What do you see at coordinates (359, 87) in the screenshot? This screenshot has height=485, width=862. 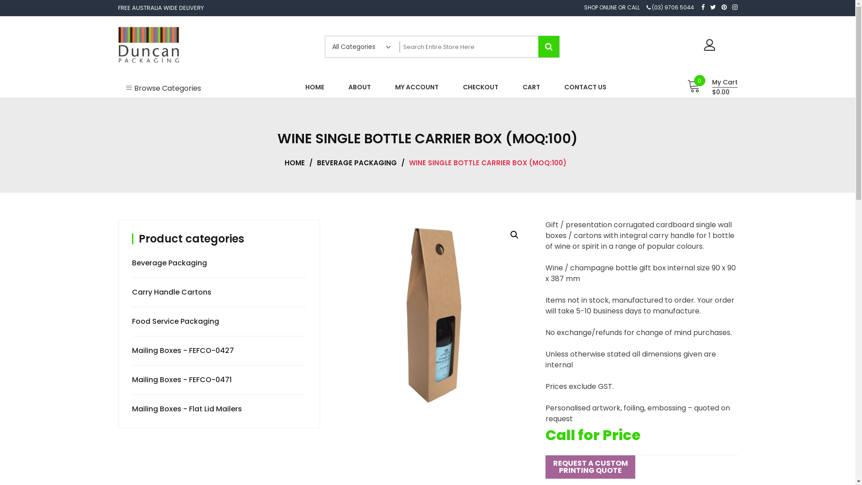 I see `'ABOUT'` at bounding box center [359, 87].